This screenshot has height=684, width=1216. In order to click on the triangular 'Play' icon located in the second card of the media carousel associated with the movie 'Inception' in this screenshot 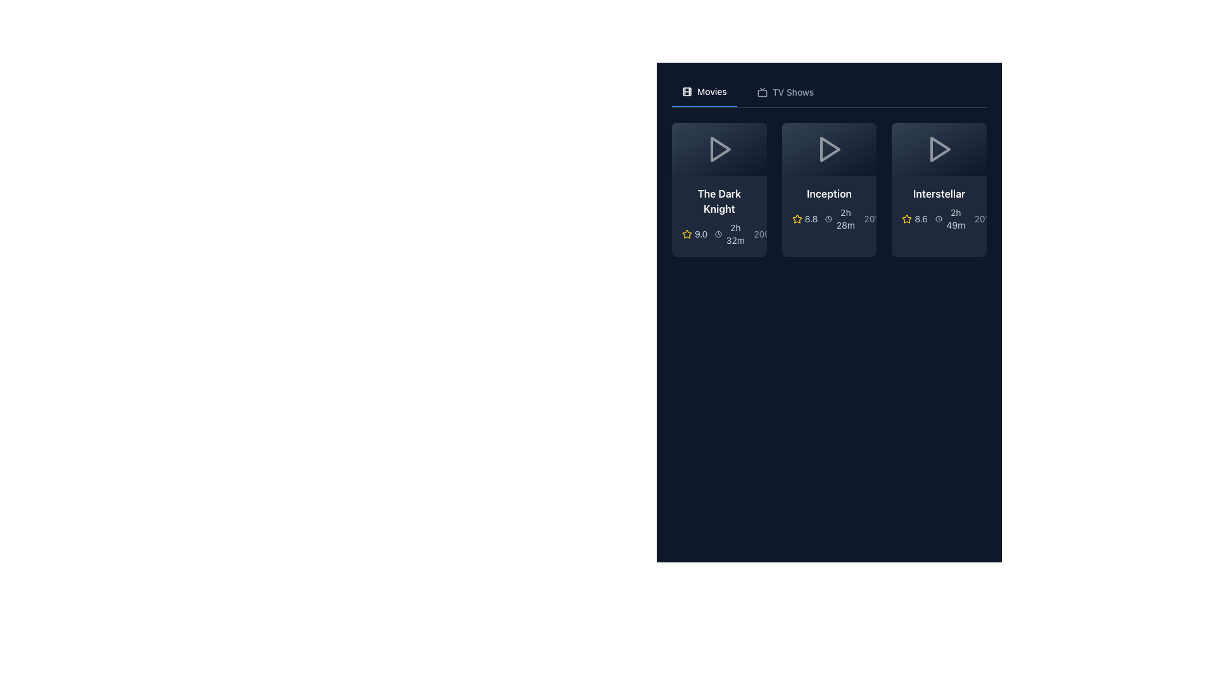, I will do `click(829, 148)`.